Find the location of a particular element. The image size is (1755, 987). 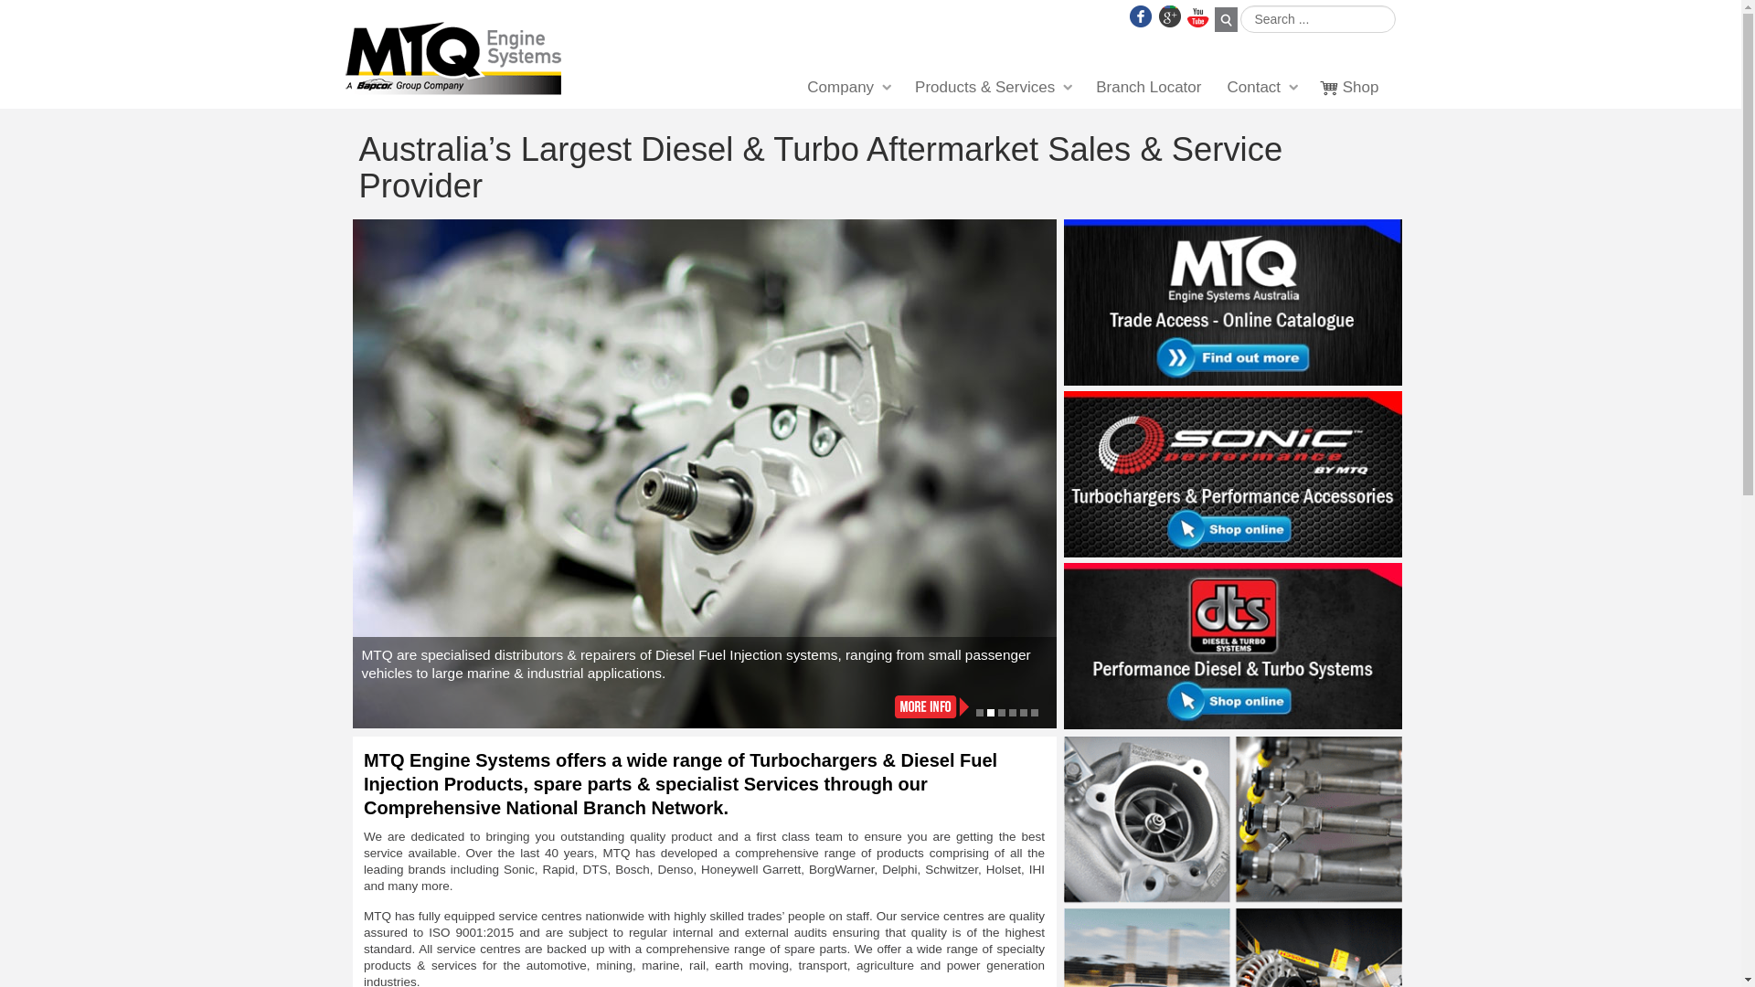

'Contact' is located at coordinates (1260, 88).